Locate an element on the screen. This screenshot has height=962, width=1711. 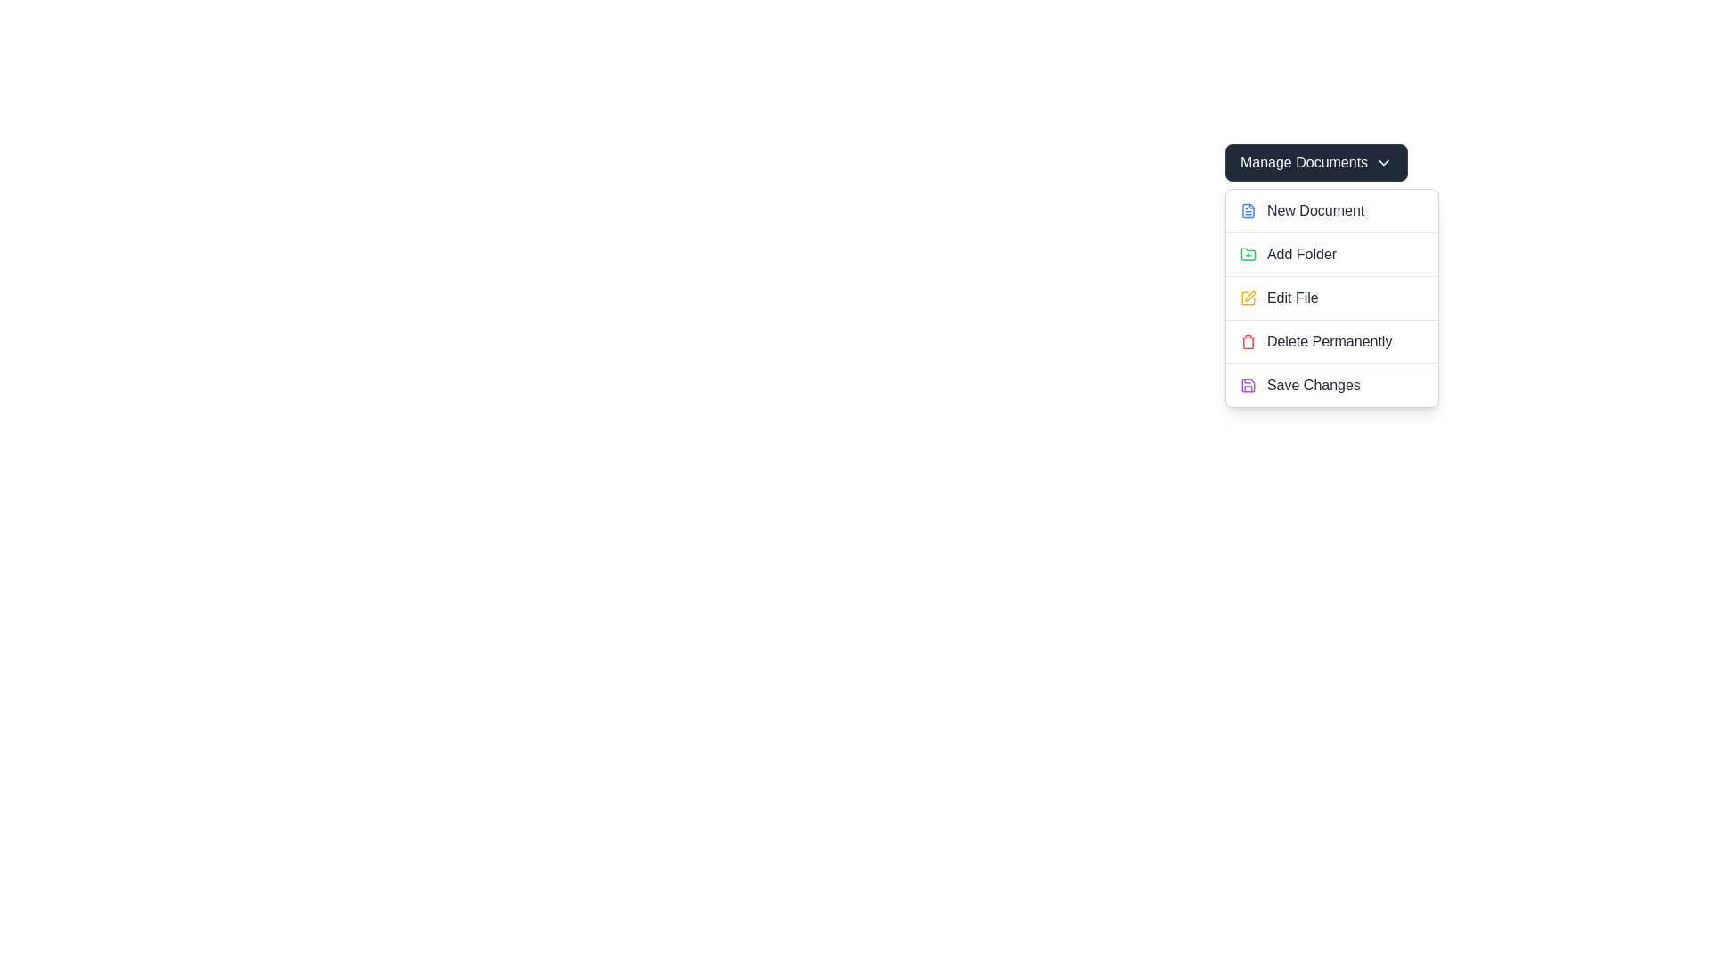
the pen-shaped icon located in the top-right corner beneath the 'Edit File' label is located at coordinates (1249, 295).